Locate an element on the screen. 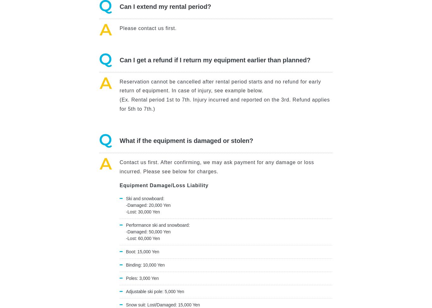  'Green Season' is located at coordinates (220, 28).